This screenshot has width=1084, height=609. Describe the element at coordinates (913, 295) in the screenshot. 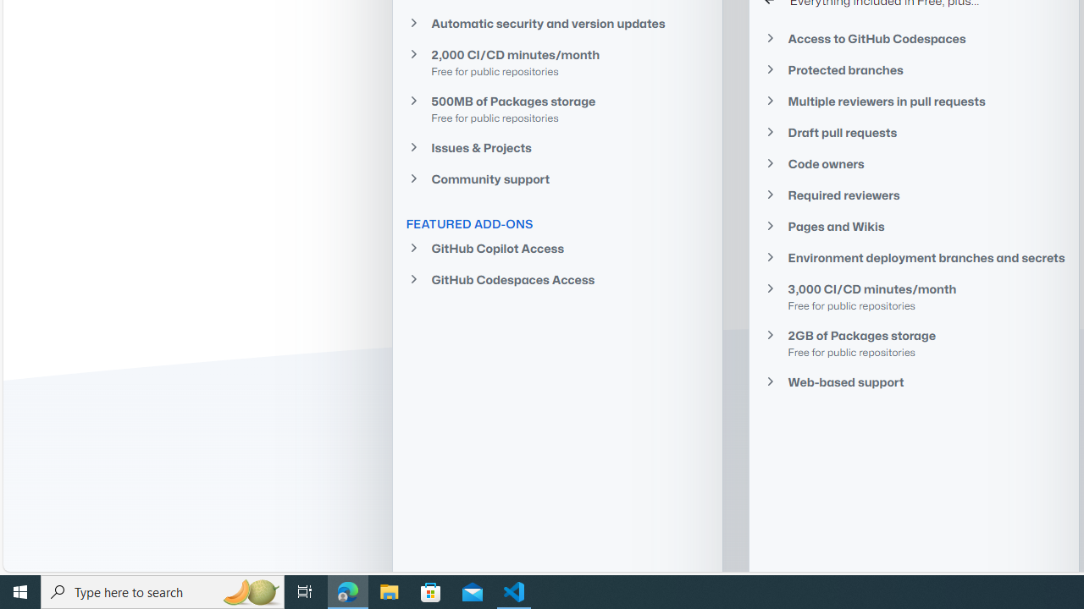

I see `'3,000 CI/CD minutes/monthFree for public repositories'` at that location.